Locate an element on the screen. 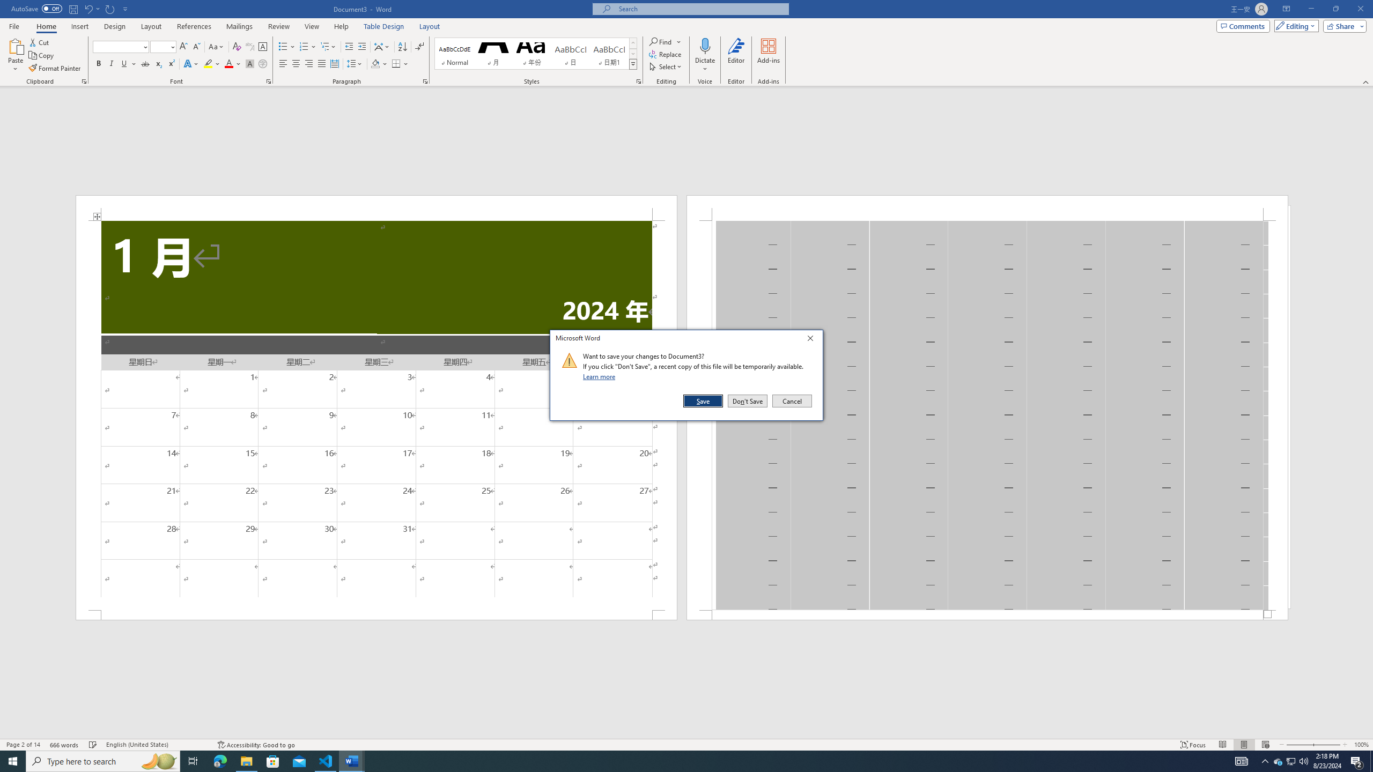 This screenshot has height=772, width=1373. 'Increase Indent' is located at coordinates (361, 47).